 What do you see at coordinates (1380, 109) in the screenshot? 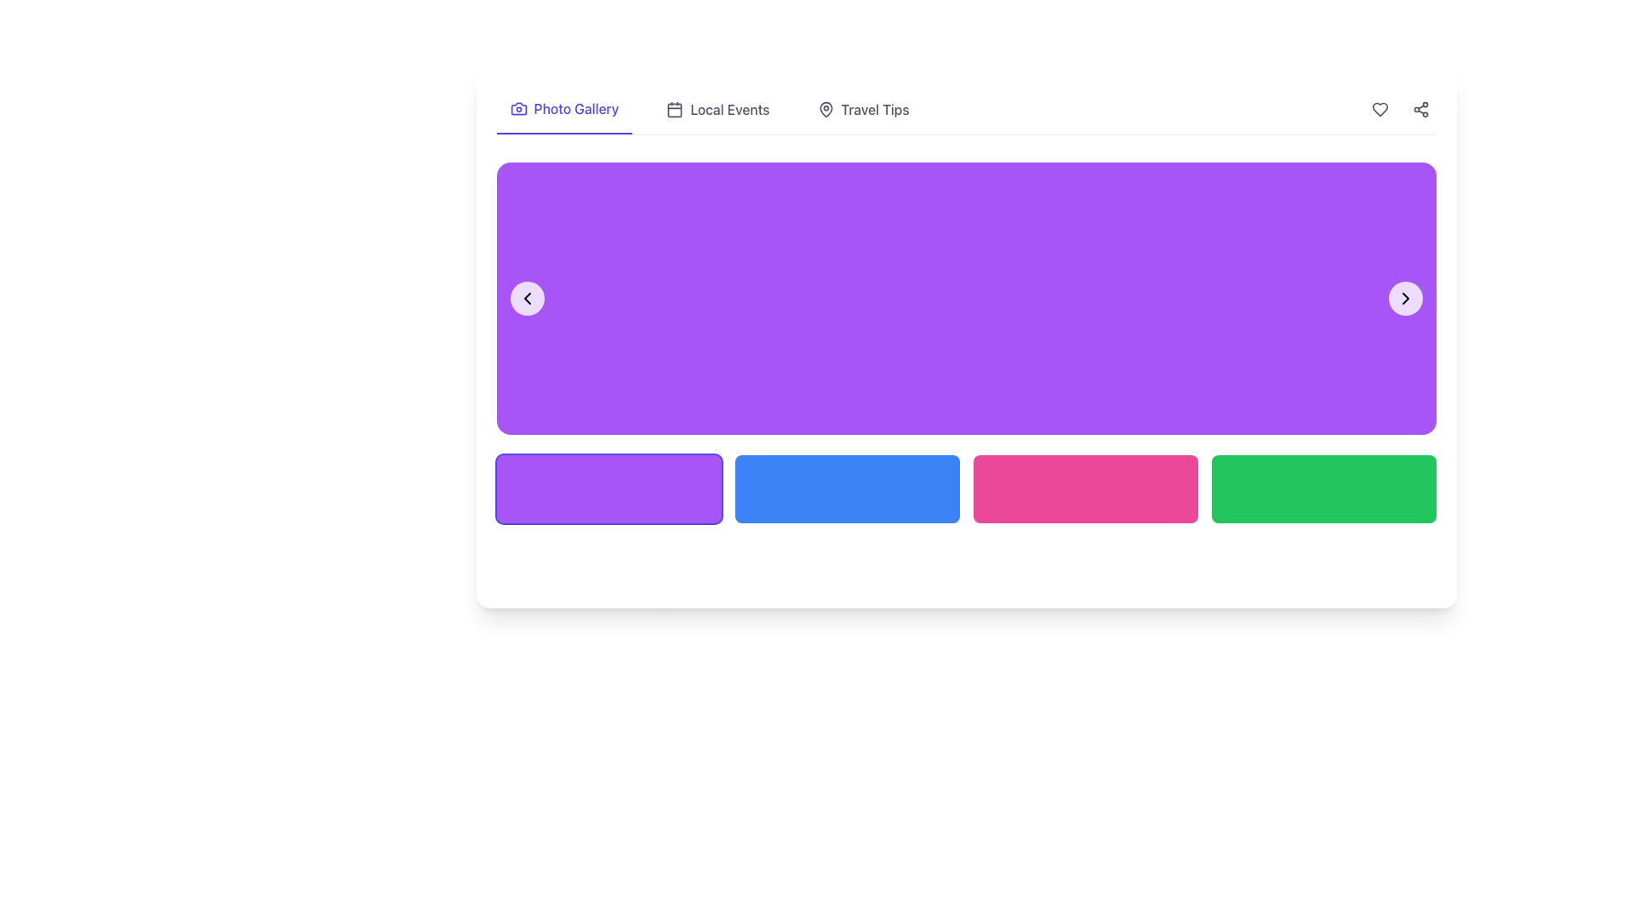
I see `the Heart/Like icon located at the top-right corner of the interface` at bounding box center [1380, 109].